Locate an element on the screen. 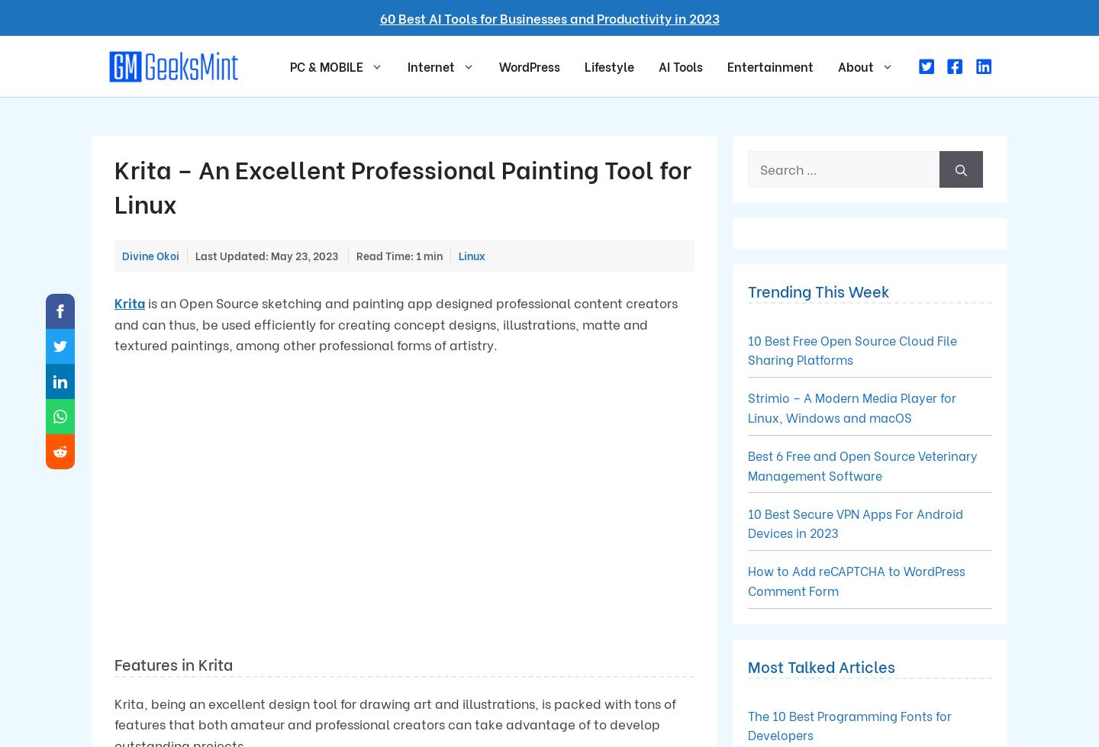 Image resolution: width=1099 pixels, height=747 pixels. 'Features in Krita' is located at coordinates (173, 662).